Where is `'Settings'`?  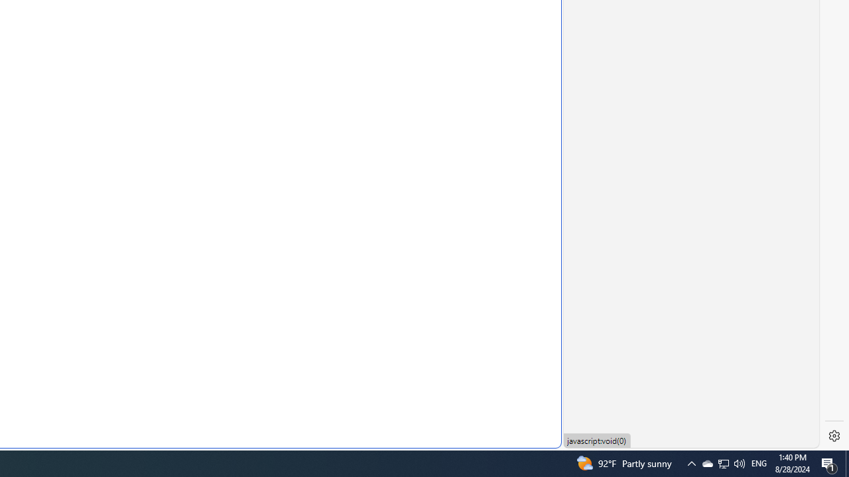 'Settings' is located at coordinates (834, 436).